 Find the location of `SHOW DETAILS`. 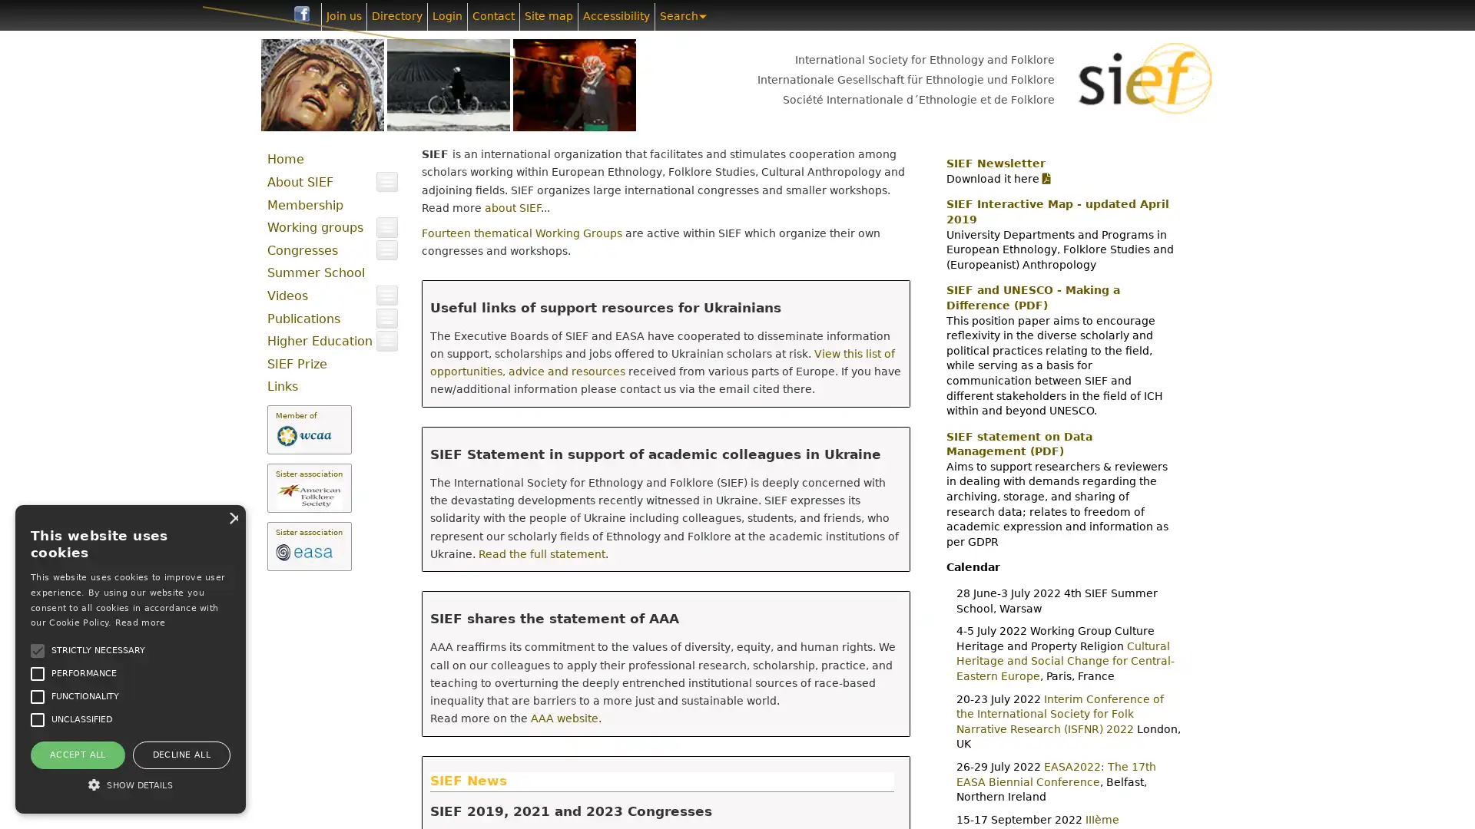

SHOW DETAILS is located at coordinates (130, 784).